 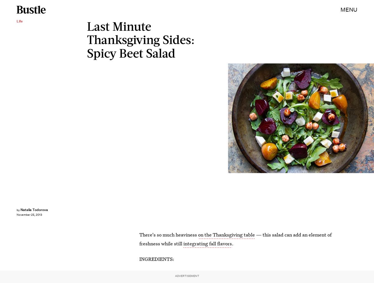 I want to click on 'INGREDIENTS:', so click(x=157, y=259).